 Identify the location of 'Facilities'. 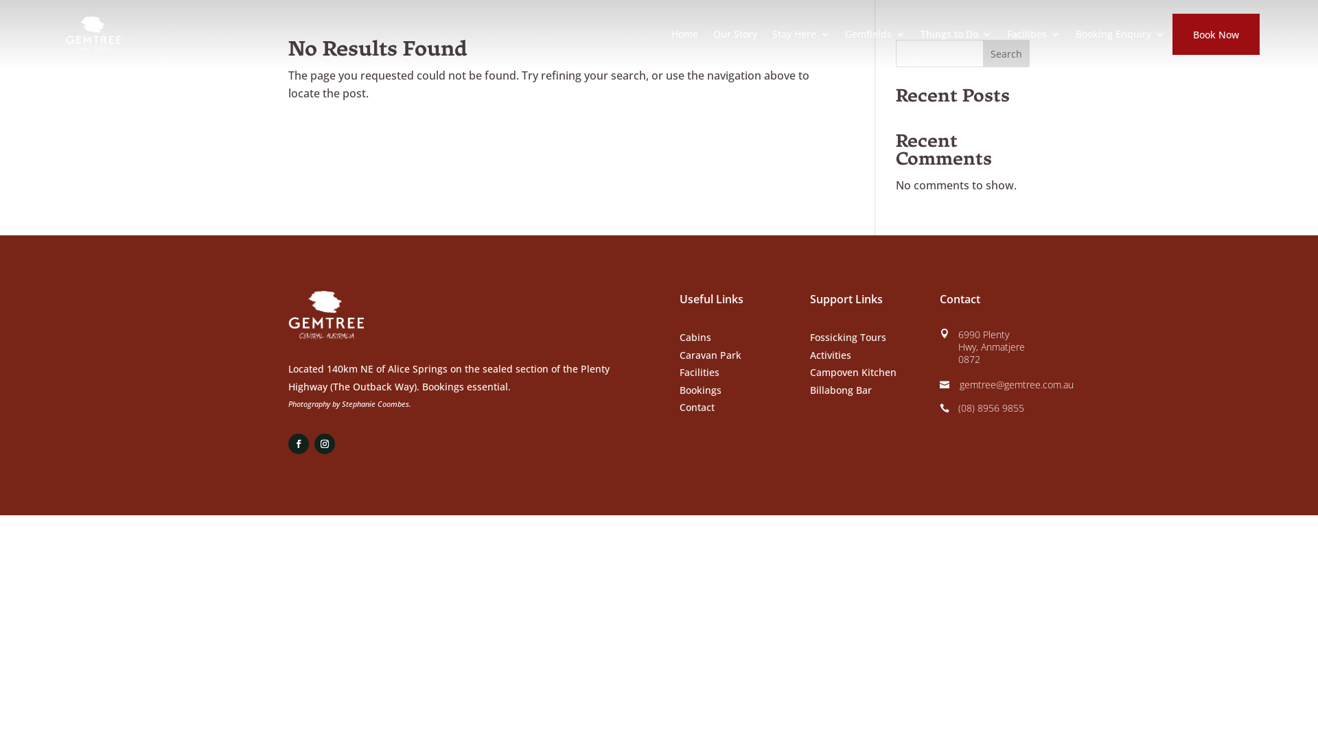
(699, 372).